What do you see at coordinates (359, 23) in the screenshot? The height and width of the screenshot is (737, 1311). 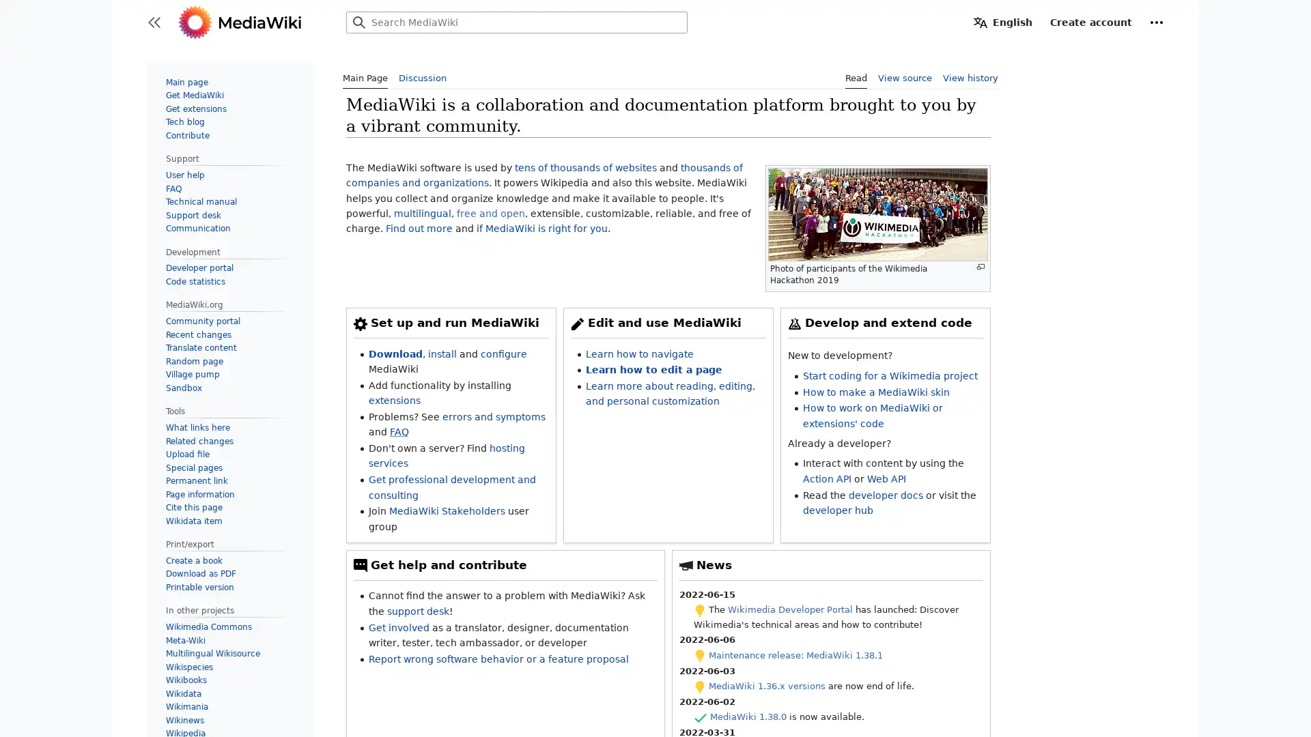 I see `Search` at bounding box center [359, 23].